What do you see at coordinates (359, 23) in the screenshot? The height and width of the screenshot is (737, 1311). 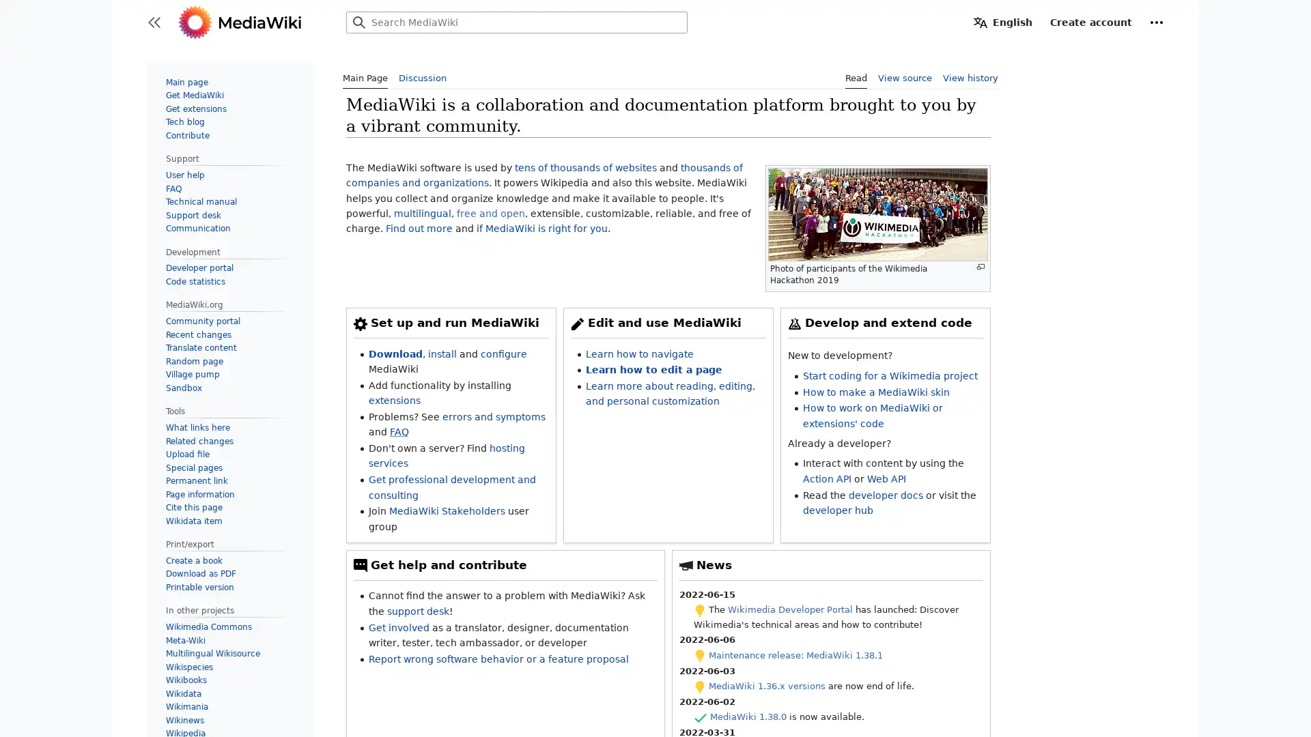 I see `Search` at bounding box center [359, 23].